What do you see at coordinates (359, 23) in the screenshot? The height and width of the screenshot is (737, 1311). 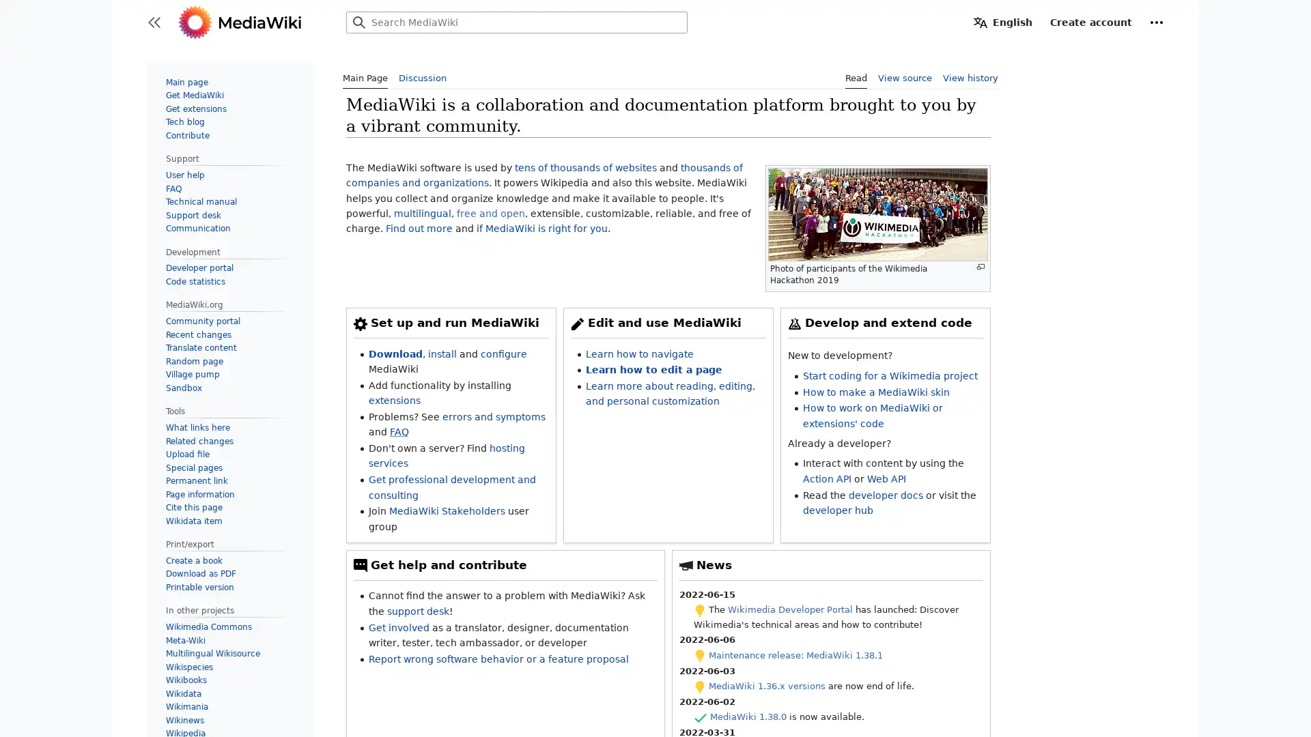 I see `Search` at bounding box center [359, 23].